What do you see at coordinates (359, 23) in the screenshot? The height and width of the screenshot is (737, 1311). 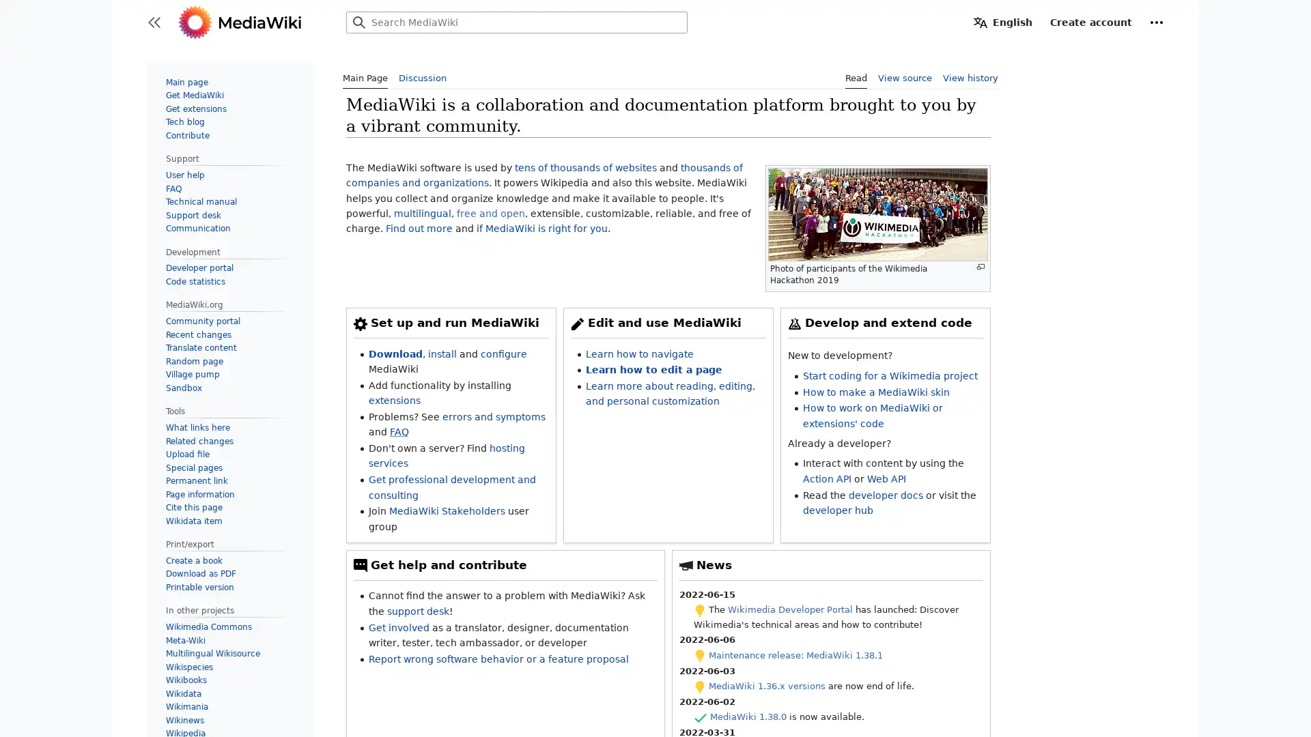 I see `Search` at bounding box center [359, 23].